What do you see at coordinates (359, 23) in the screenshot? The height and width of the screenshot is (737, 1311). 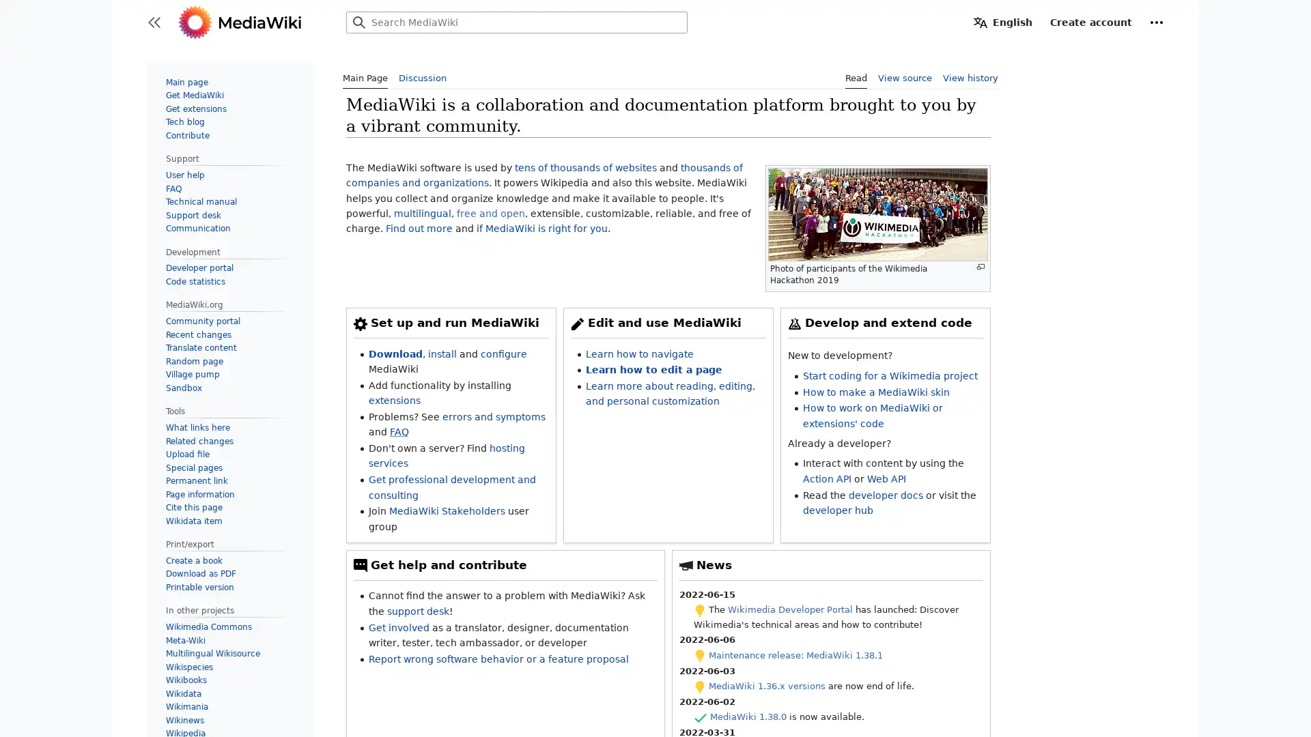 I see `Search` at bounding box center [359, 23].